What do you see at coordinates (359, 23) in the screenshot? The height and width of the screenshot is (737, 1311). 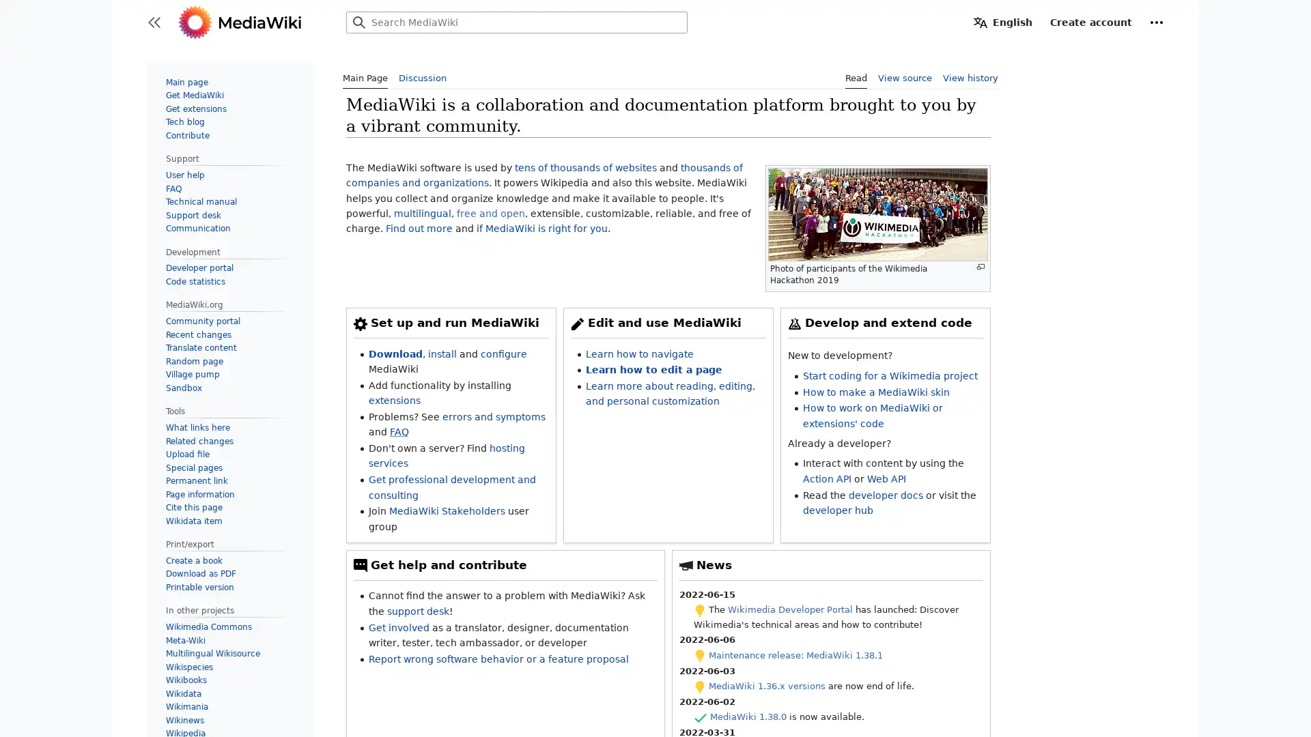 I see `Search` at bounding box center [359, 23].